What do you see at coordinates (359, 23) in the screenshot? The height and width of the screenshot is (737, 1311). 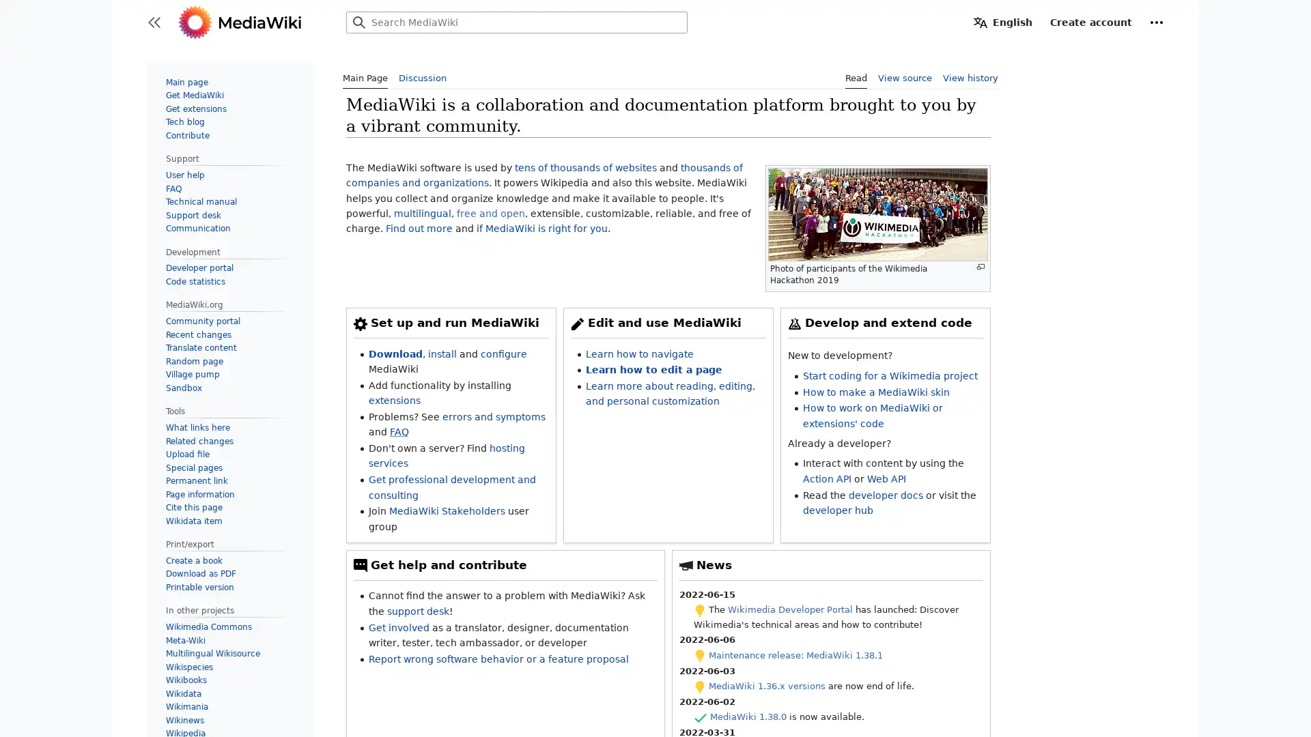 I see `Search` at bounding box center [359, 23].